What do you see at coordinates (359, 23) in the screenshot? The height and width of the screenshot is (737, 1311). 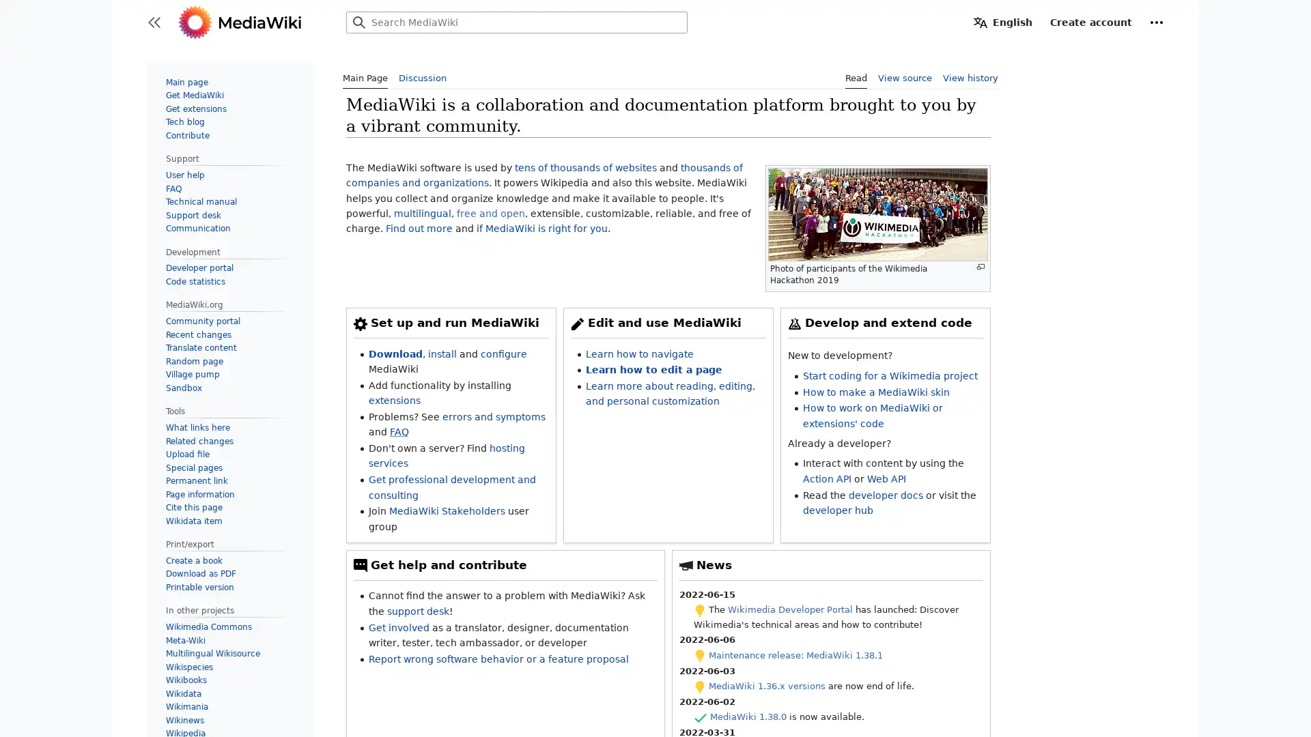 I see `Search` at bounding box center [359, 23].